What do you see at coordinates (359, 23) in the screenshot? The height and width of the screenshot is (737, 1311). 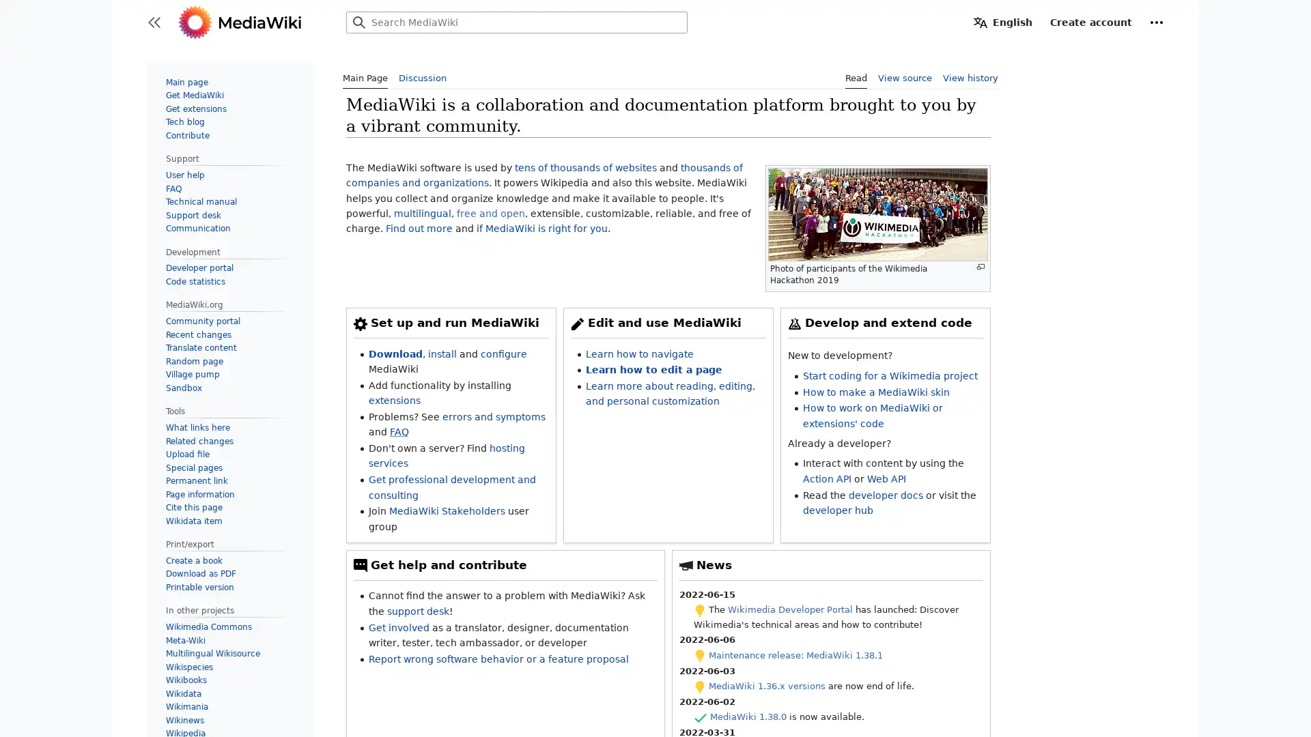 I see `Search` at bounding box center [359, 23].